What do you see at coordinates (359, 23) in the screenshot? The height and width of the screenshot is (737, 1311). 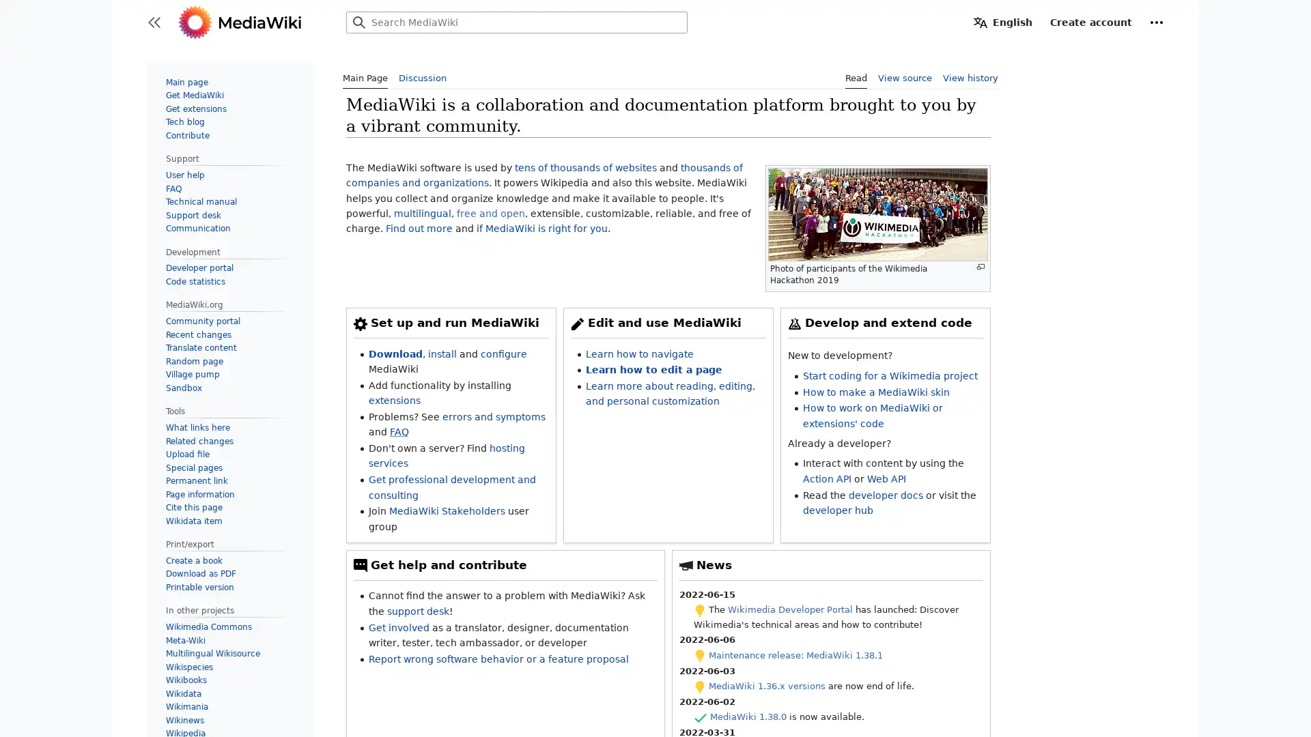 I see `Search` at bounding box center [359, 23].